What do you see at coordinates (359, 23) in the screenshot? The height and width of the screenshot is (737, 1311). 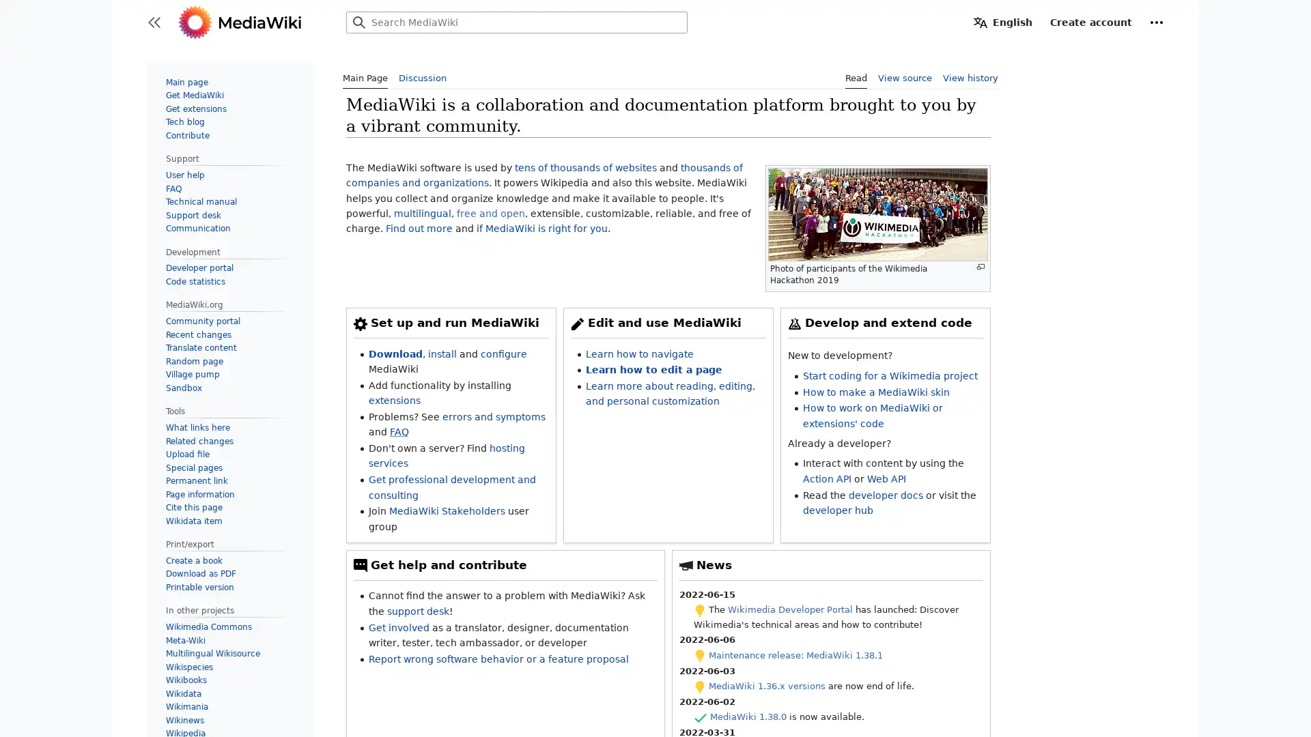 I see `Search` at bounding box center [359, 23].